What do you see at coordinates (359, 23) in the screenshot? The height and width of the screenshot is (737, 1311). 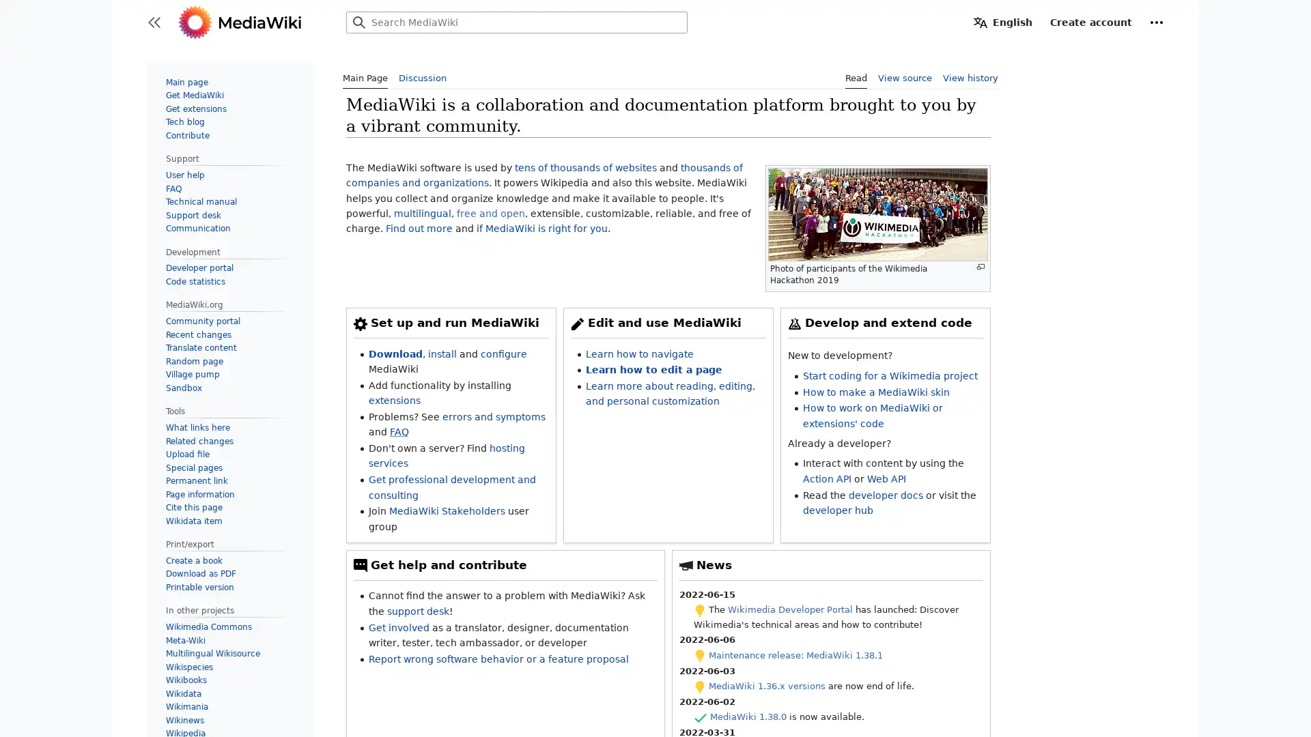 I see `Search` at bounding box center [359, 23].